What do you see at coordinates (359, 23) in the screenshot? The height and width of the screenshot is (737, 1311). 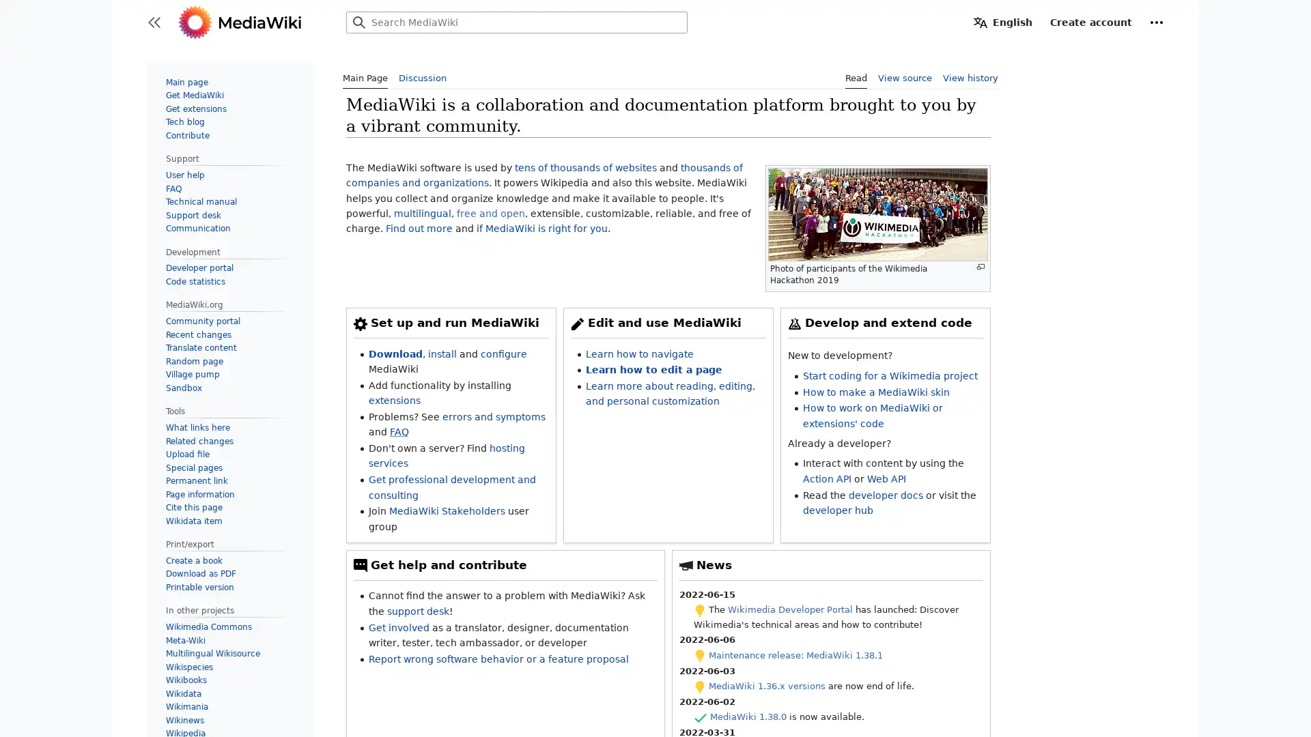 I see `Search` at bounding box center [359, 23].